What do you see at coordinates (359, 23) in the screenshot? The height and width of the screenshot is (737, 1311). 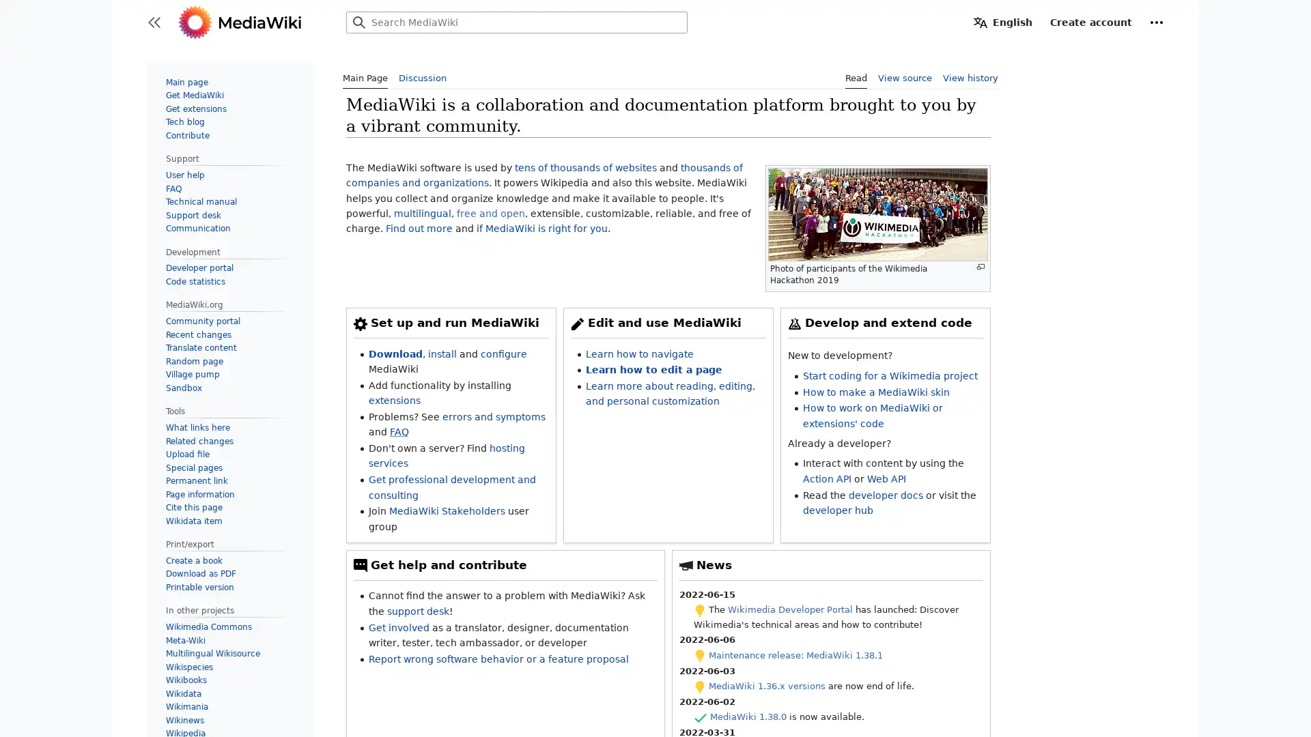 I see `Search` at bounding box center [359, 23].